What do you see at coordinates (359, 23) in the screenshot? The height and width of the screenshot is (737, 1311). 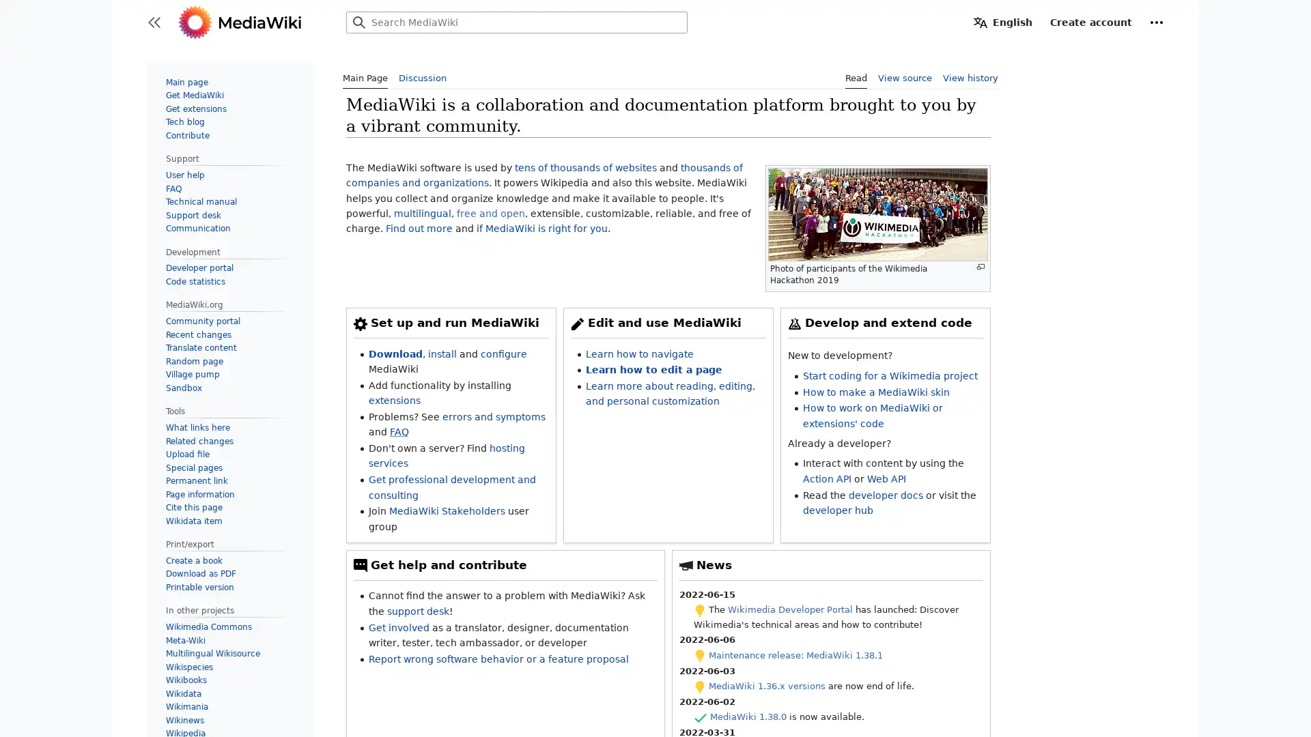 I see `Search` at bounding box center [359, 23].